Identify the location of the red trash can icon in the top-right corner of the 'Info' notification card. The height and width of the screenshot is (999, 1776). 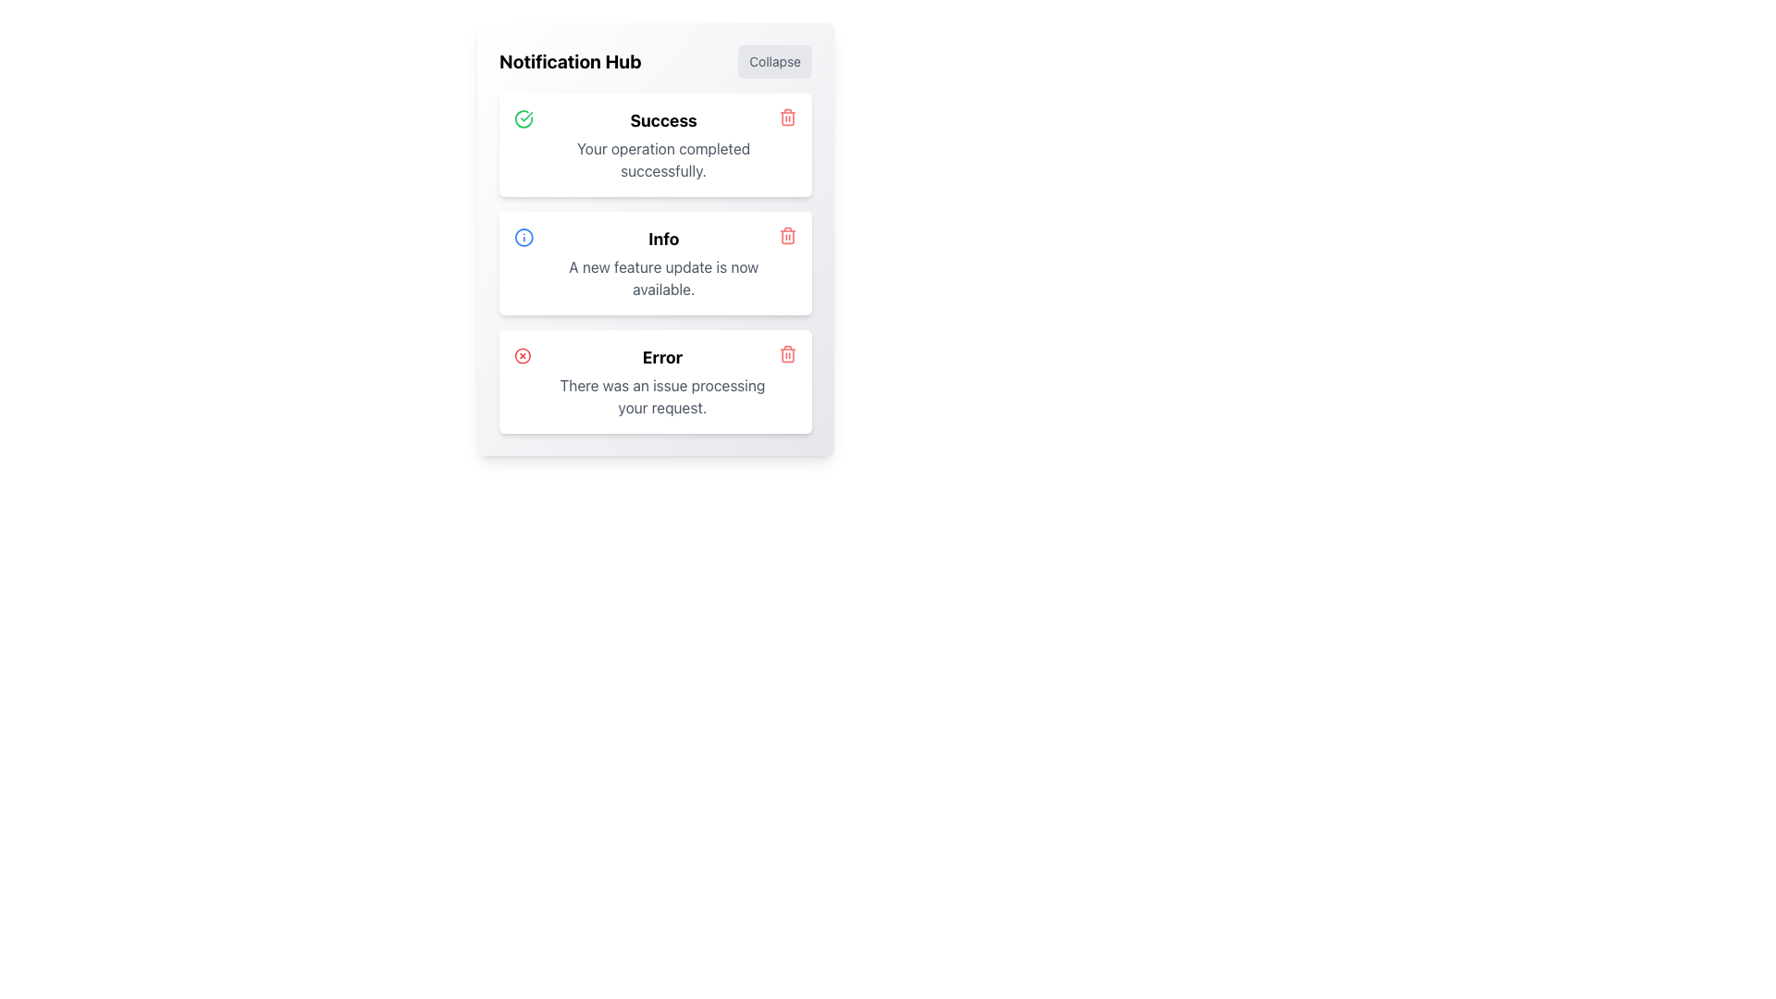
(787, 234).